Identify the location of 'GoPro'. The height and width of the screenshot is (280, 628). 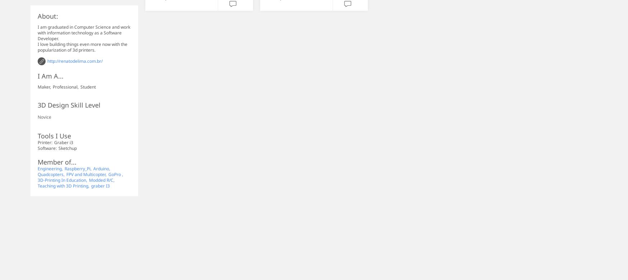
(115, 174).